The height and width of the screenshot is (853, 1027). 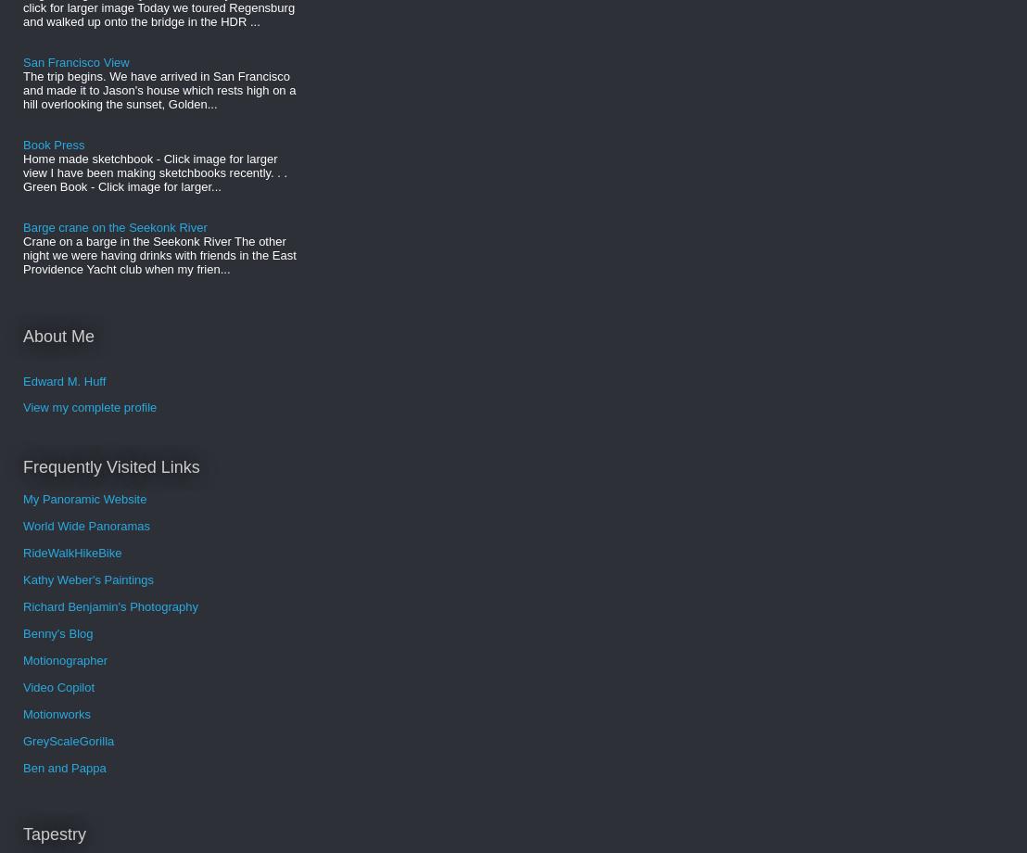 What do you see at coordinates (57, 686) in the screenshot?
I see `'Video Copilot'` at bounding box center [57, 686].